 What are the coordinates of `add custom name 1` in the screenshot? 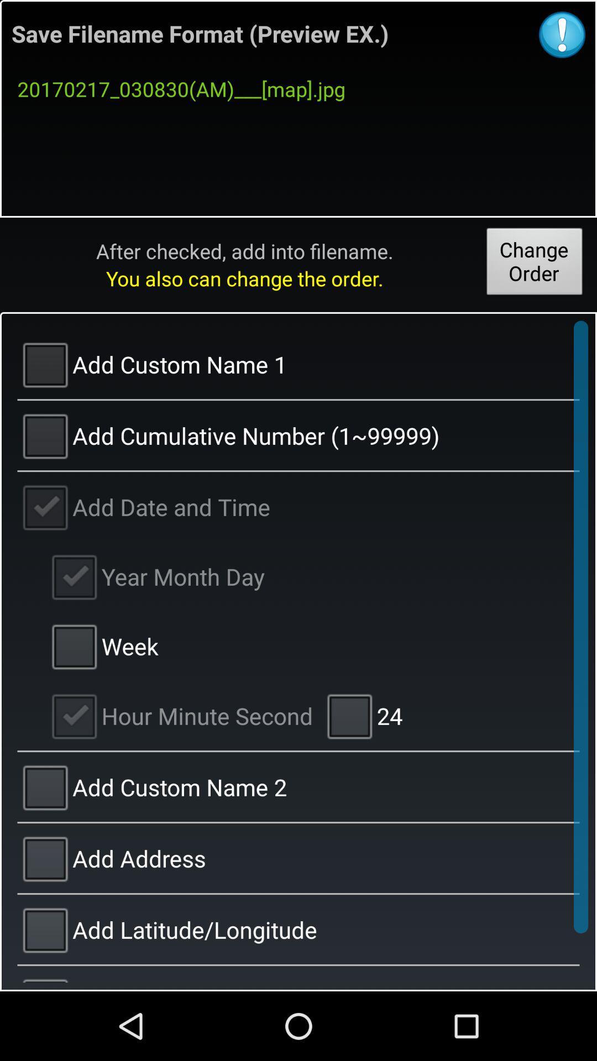 It's located at (298, 364).